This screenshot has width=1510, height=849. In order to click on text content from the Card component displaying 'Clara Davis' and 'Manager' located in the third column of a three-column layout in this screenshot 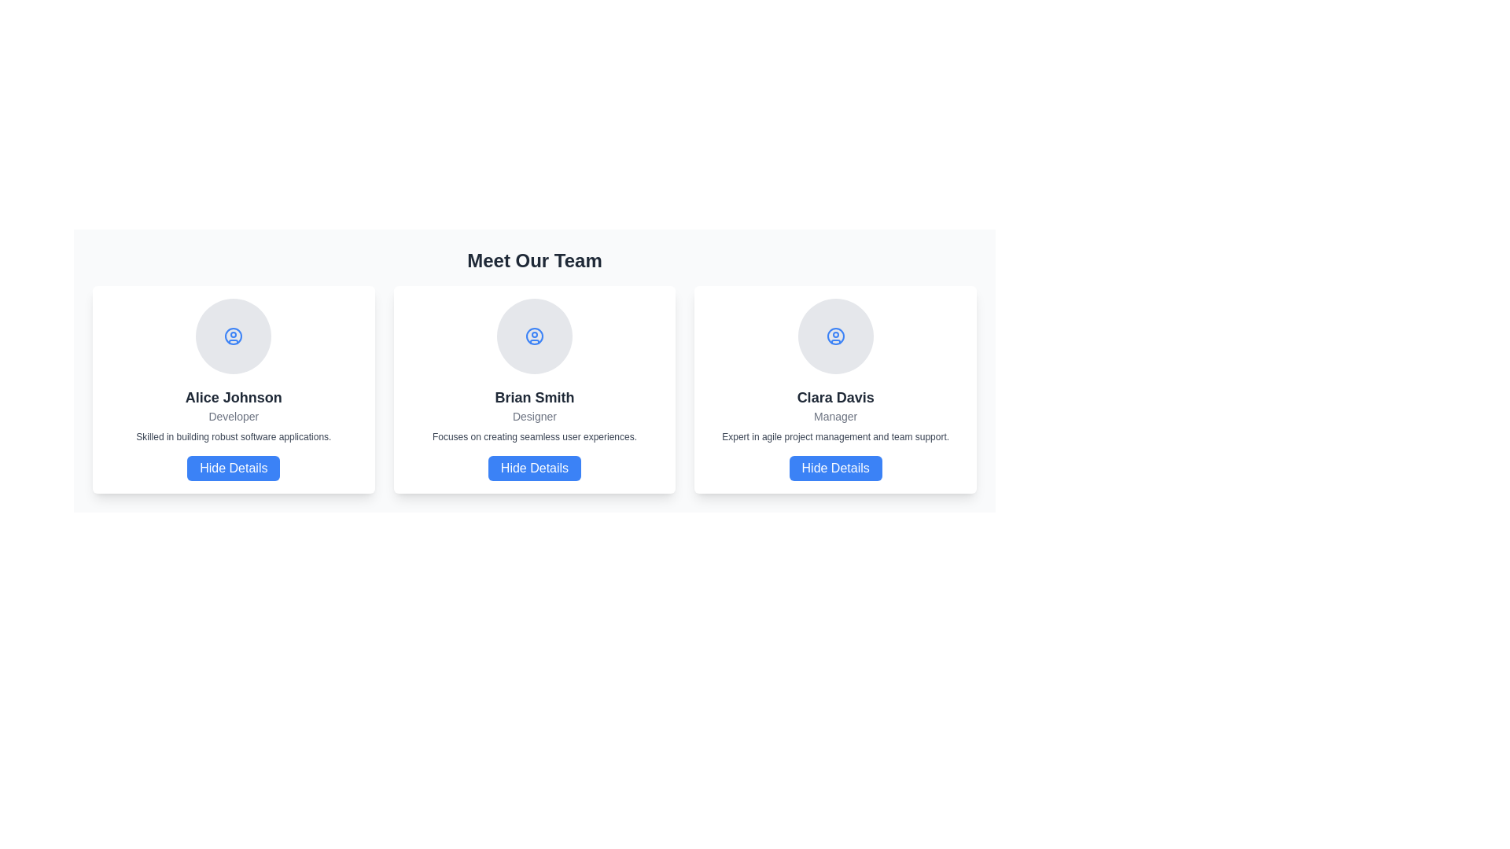, I will do `click(834, 389)`.